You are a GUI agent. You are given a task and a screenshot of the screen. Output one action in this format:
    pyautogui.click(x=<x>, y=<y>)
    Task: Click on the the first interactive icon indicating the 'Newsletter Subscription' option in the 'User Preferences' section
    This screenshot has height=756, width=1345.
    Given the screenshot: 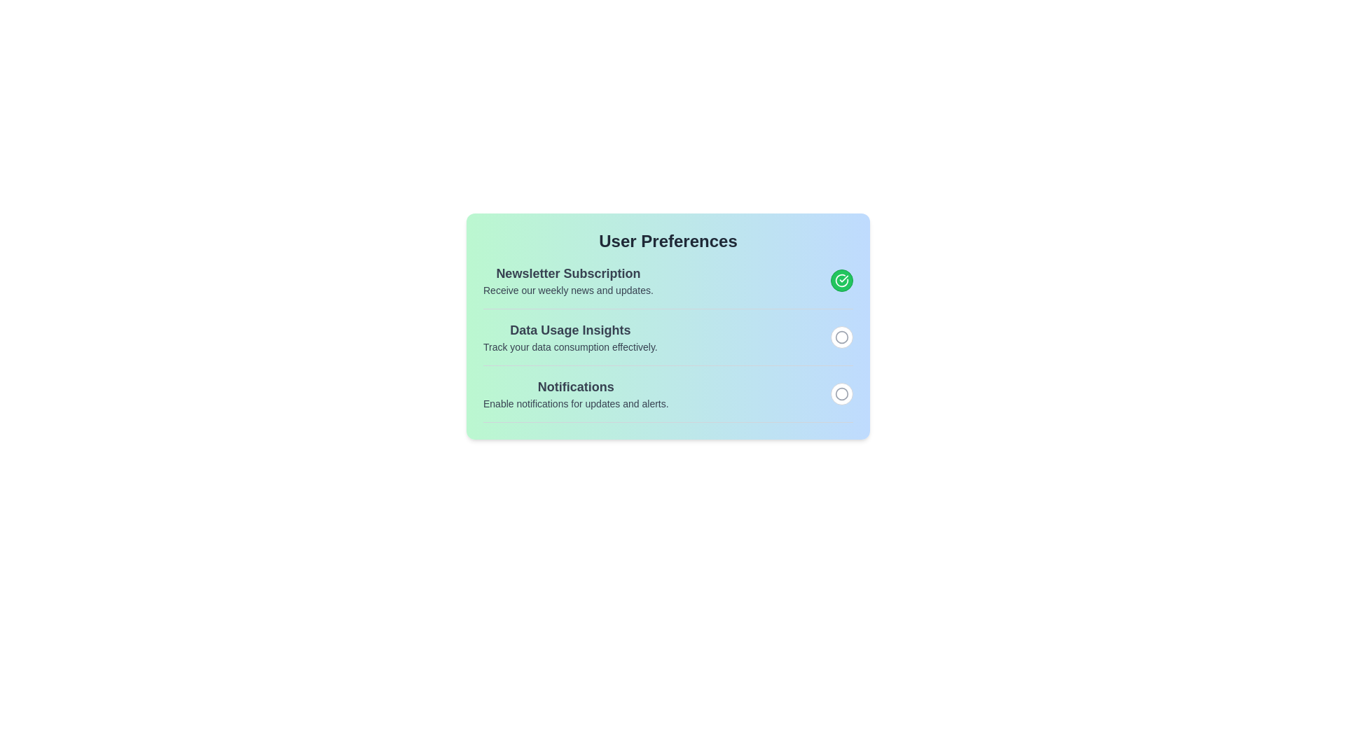 What is the action you would take?
    pyautogui.click(x=841, y=281)
    